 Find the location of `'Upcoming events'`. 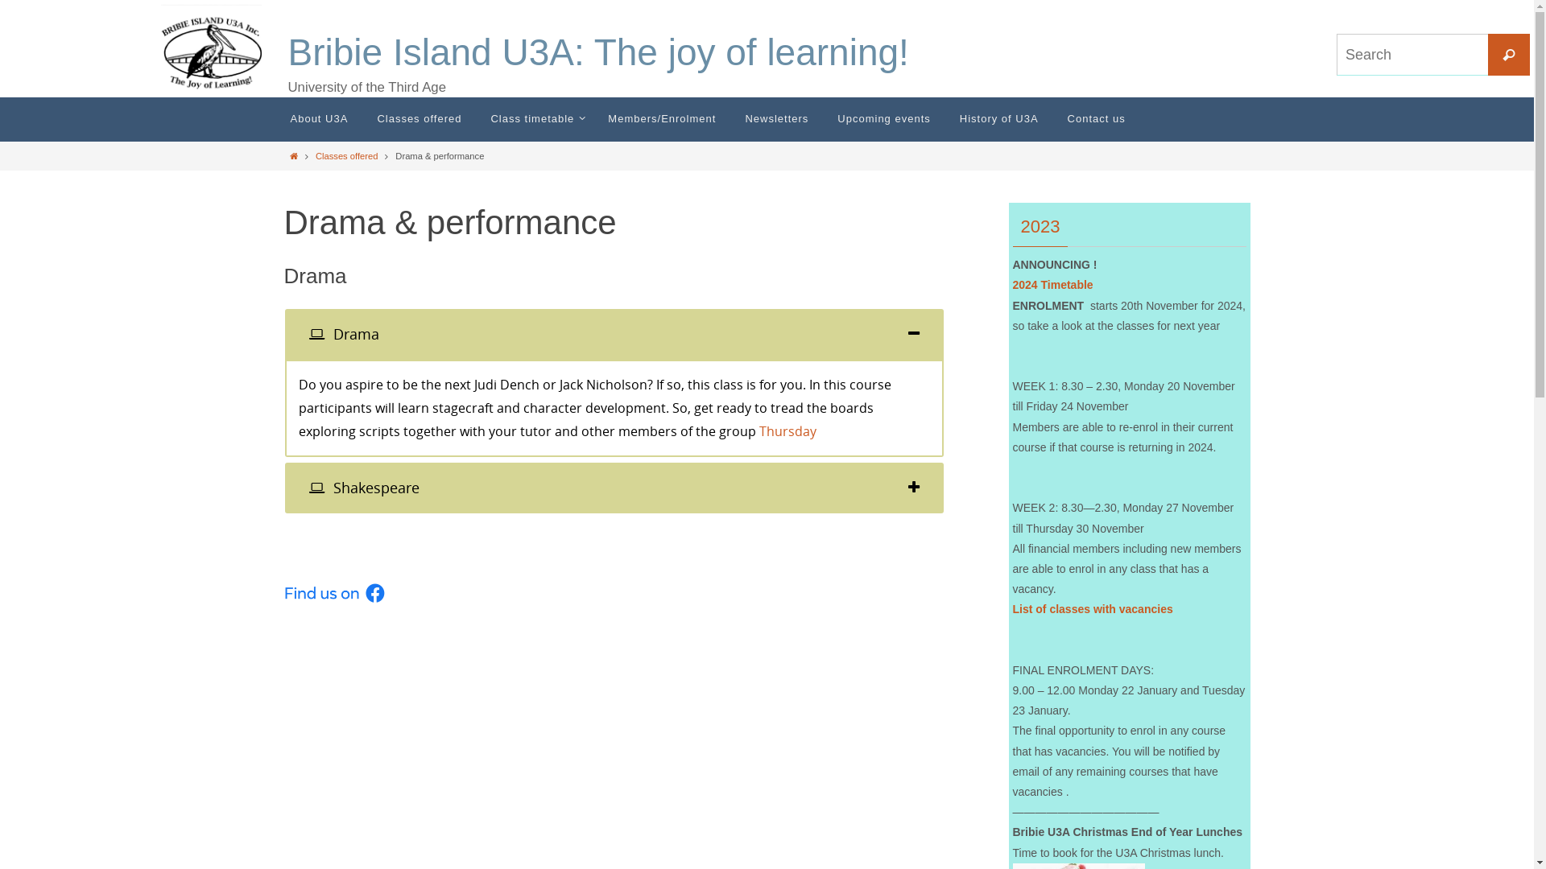

'Upcoming events' is located at coordinates (883, 118).